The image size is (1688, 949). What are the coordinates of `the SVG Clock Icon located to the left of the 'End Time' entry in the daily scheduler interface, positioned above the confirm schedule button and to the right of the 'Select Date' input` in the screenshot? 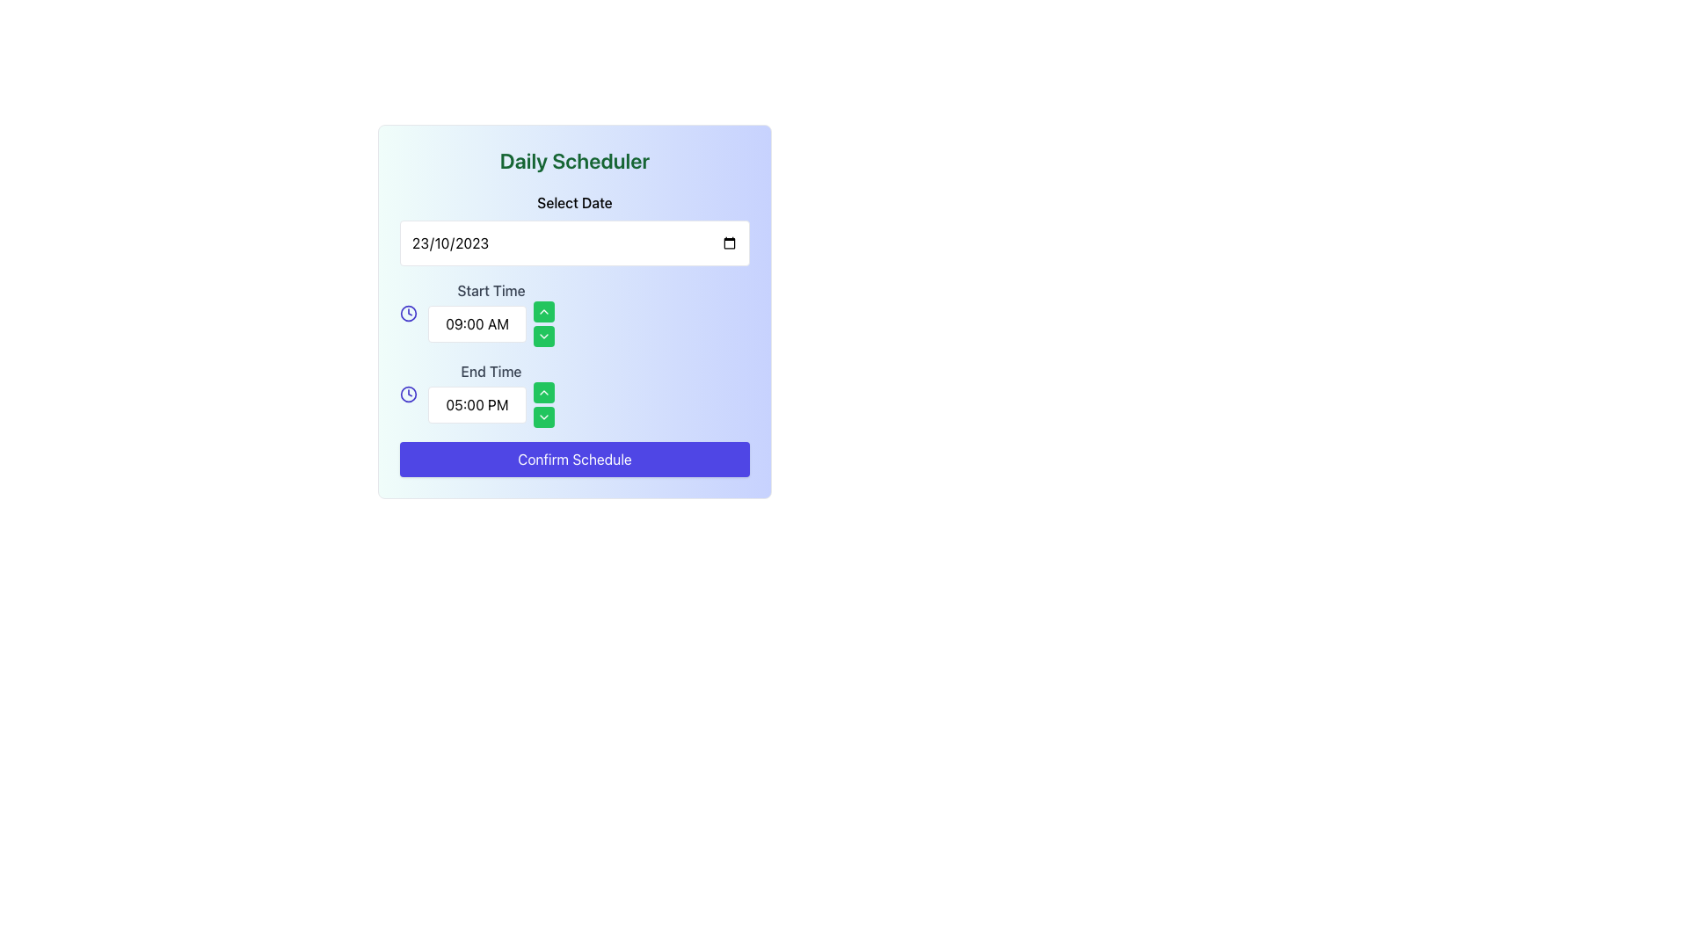 It's located at (408, 313).